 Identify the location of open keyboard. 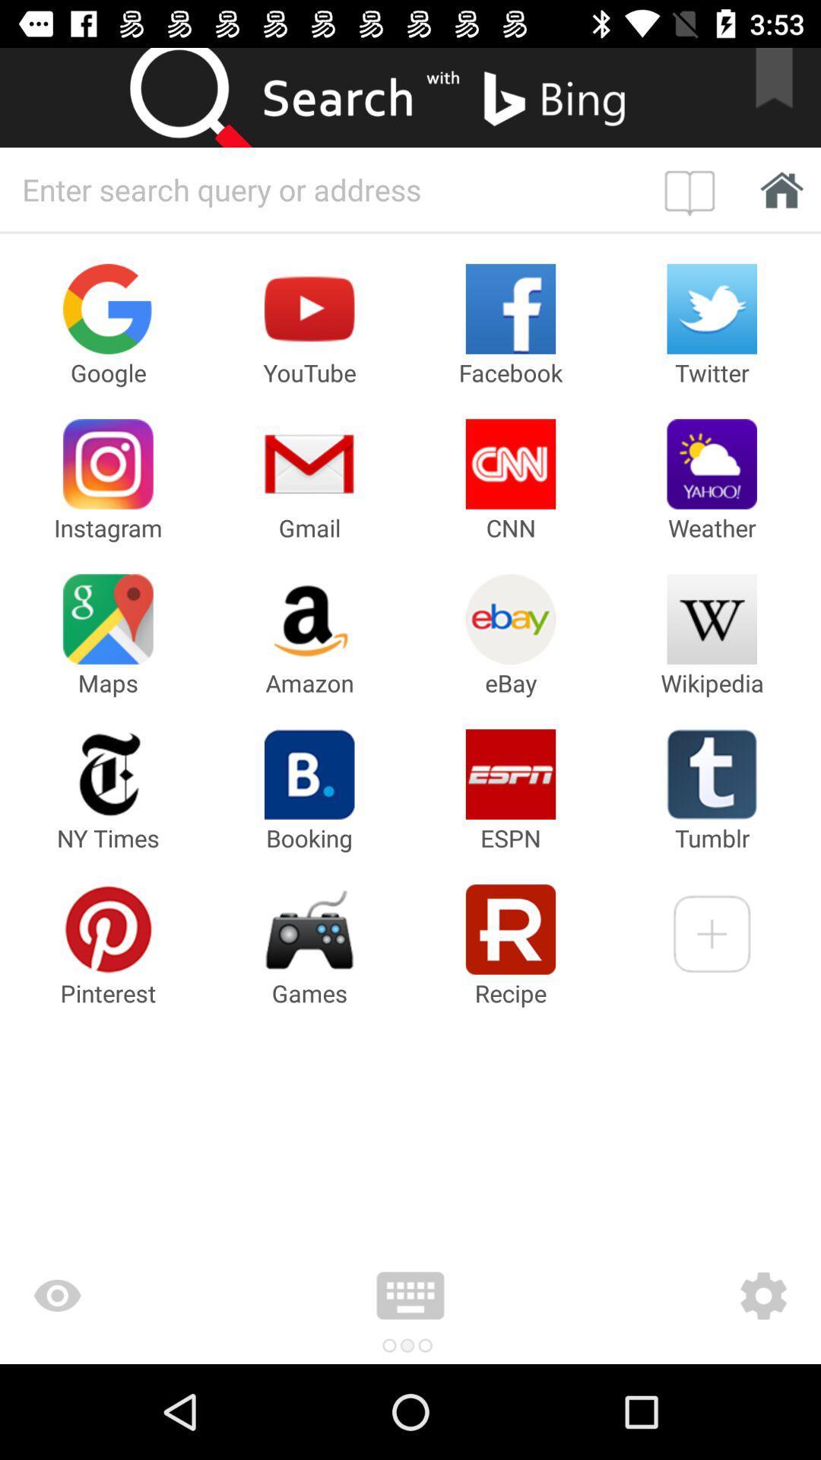
(410, 1295).